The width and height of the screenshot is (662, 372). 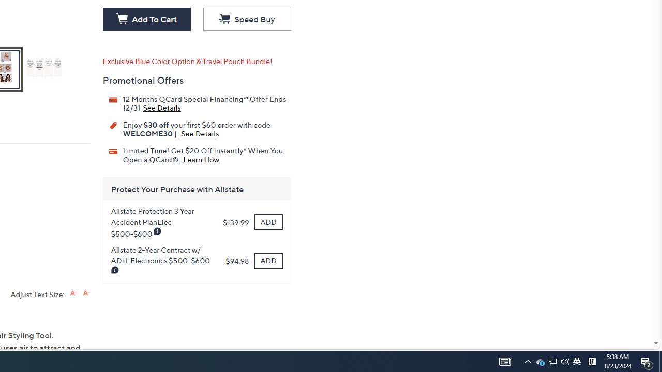 I want to click on 'Increase font size', so click(x=73, y=293).